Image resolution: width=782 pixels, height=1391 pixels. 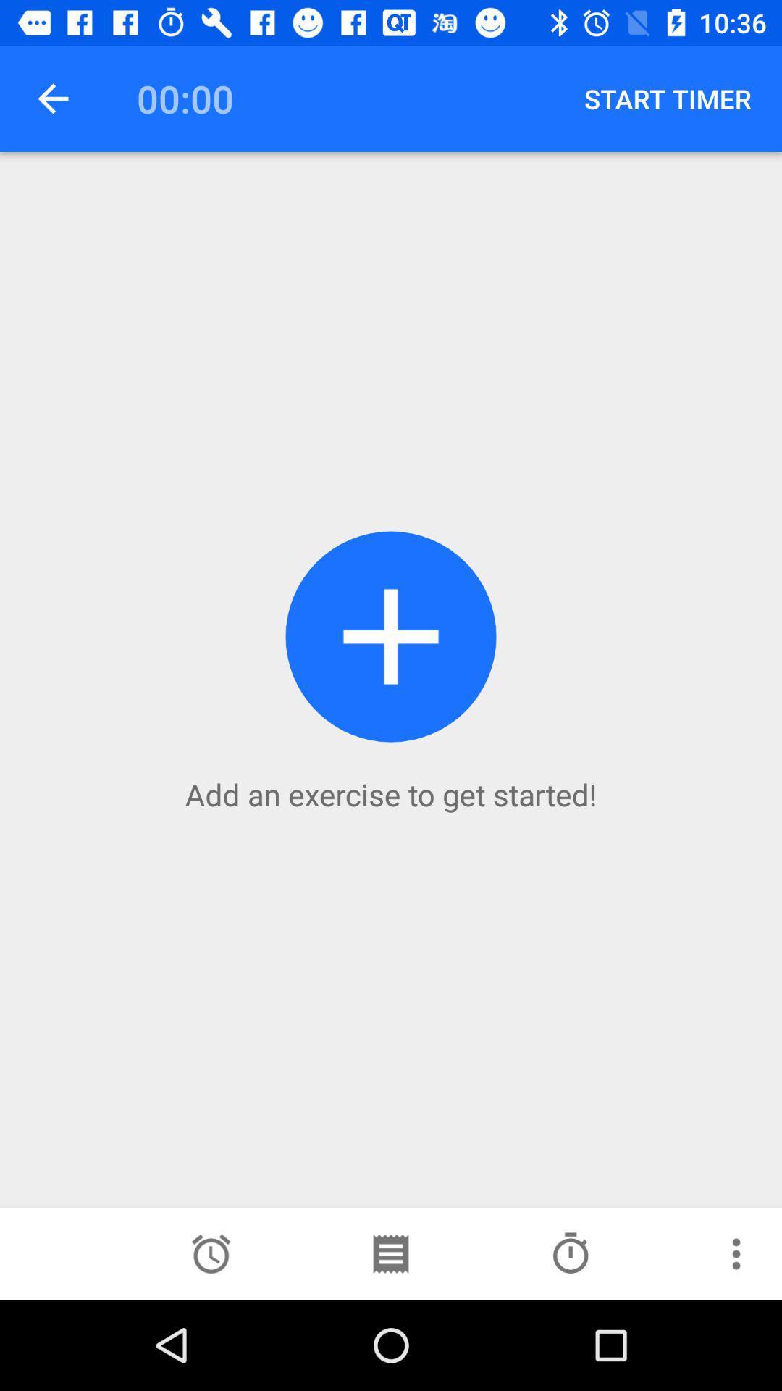 What do you see at coordinates (736, 1253) in the screenshot?
I see `extras box` at bounding box center [736, 1253].